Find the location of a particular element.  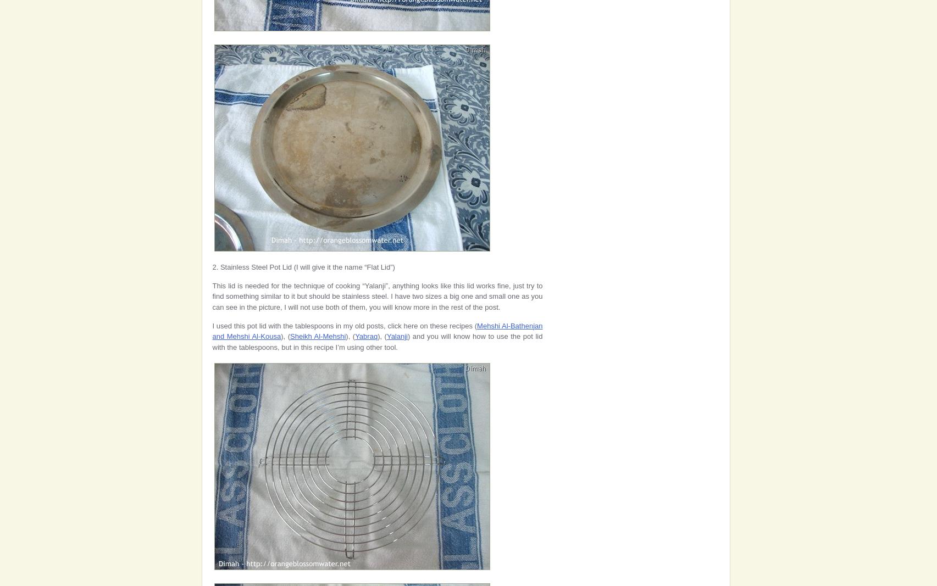

'This lid is needed for the technique of cooking “Yalanji”, anything looks like this lid works fine, just try to find something similar to it' is located at coordinates (377, 290).